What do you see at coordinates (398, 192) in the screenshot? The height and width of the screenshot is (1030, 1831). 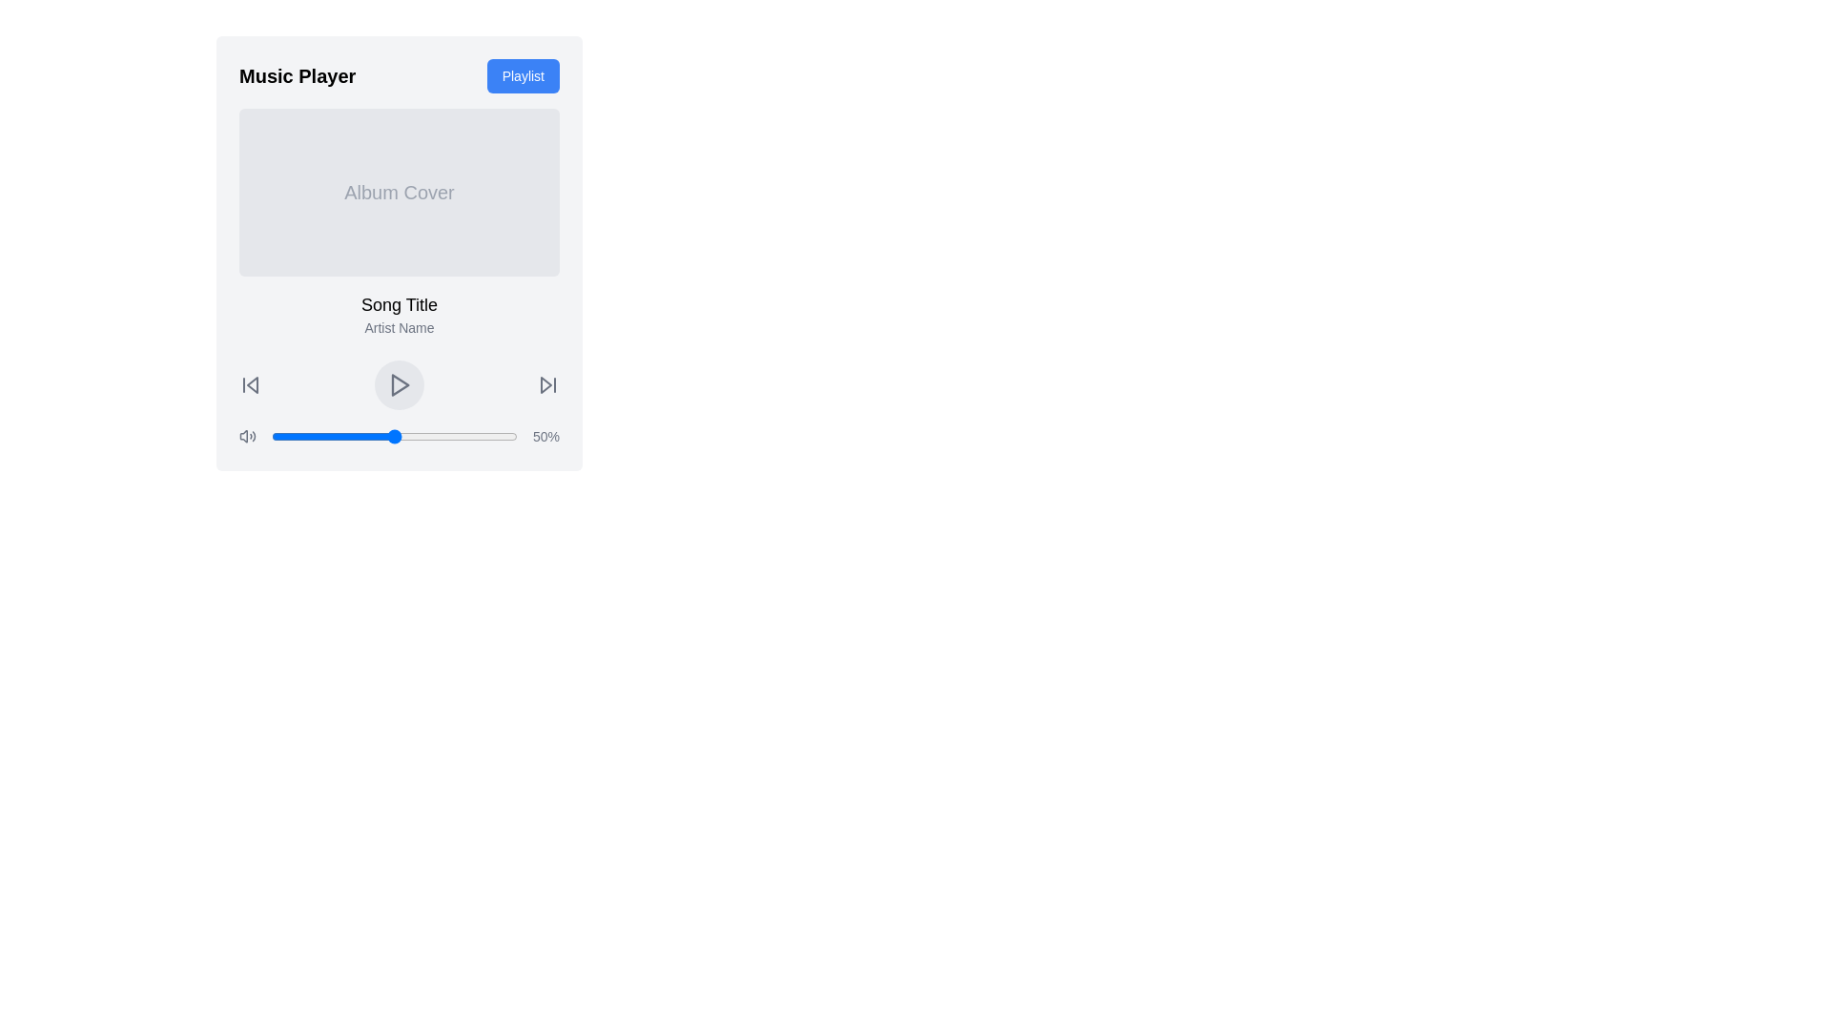 I see `the album cover placeholder in the music player interface, which is located beneath the header section and centered horizontally` at bounding box center [398, 192].